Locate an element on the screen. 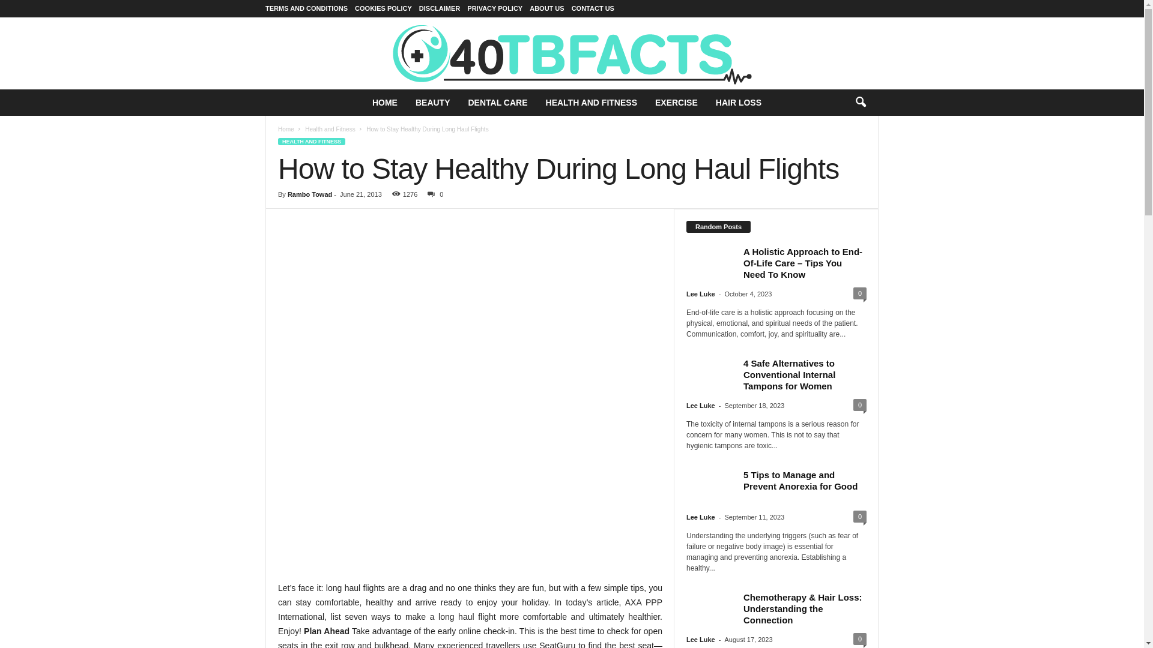 This screenshot has width=1153, height=648. 'PRIVACY POLICY' is located at coordinates (495, 8).